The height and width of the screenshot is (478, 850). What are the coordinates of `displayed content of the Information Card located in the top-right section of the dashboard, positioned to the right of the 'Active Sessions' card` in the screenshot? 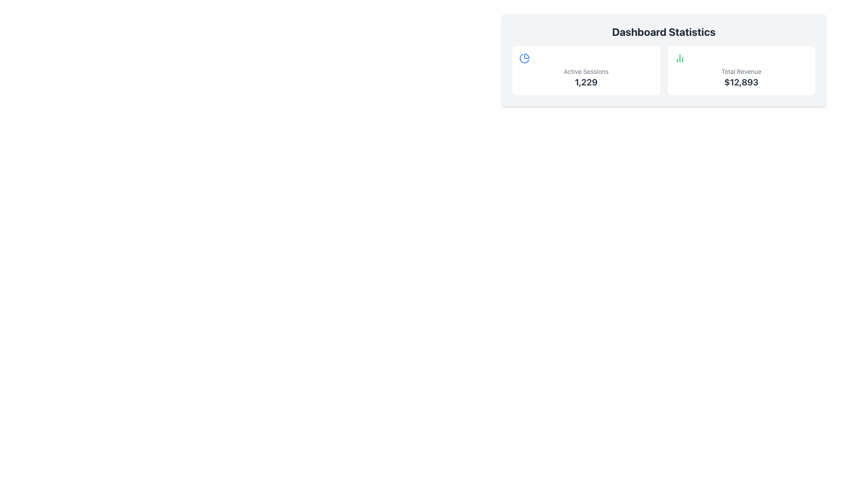 It's located at (741, 70).